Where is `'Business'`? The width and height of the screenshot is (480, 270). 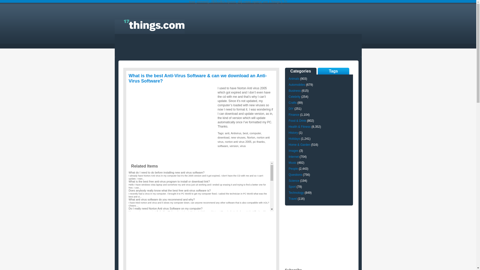
'Business' is located at coordinates (294, 90).